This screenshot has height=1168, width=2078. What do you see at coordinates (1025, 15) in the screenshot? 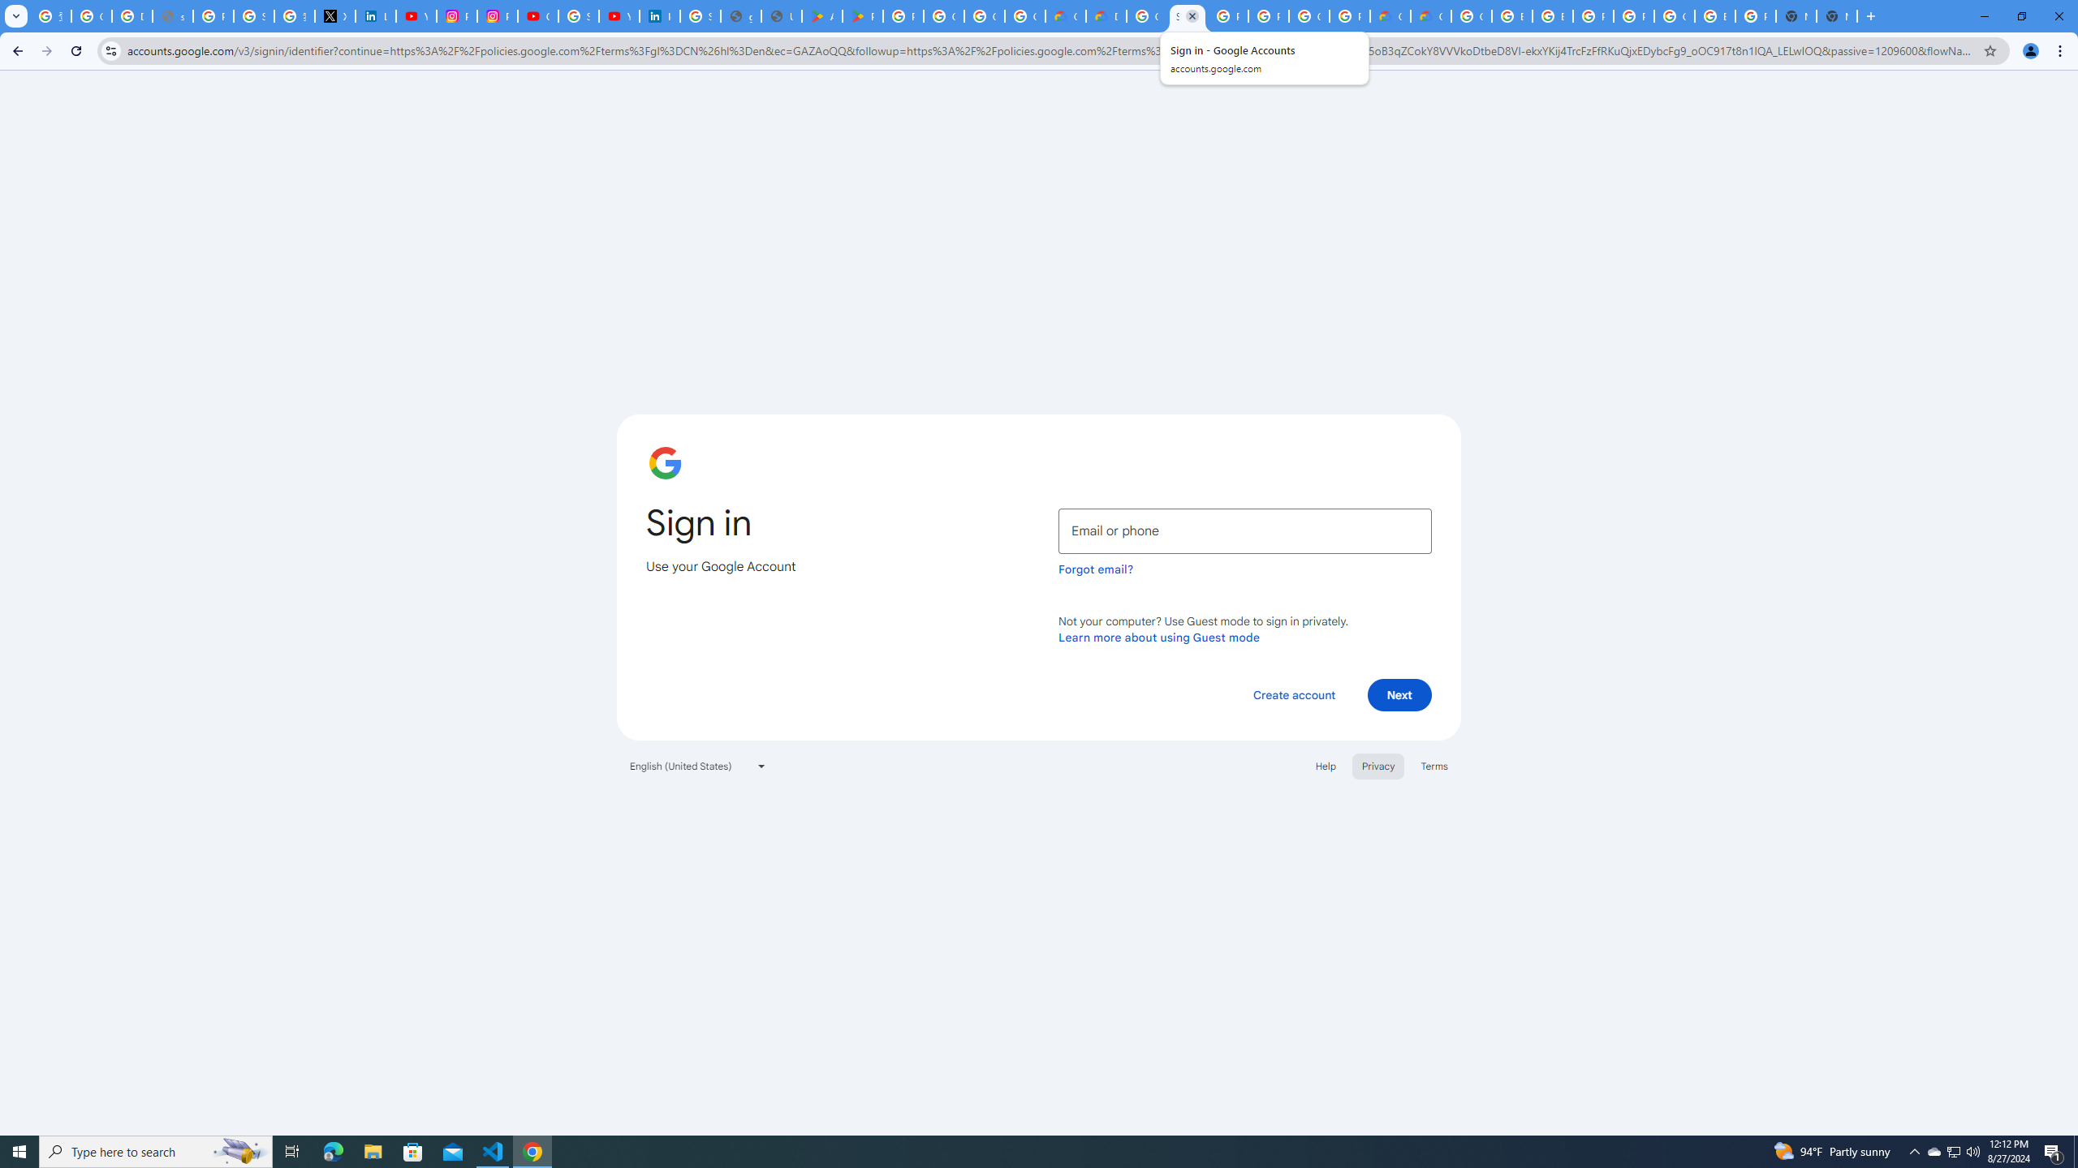
I see `'Google Workspace - Specific Terms'` at bounding box center [1025, 15].